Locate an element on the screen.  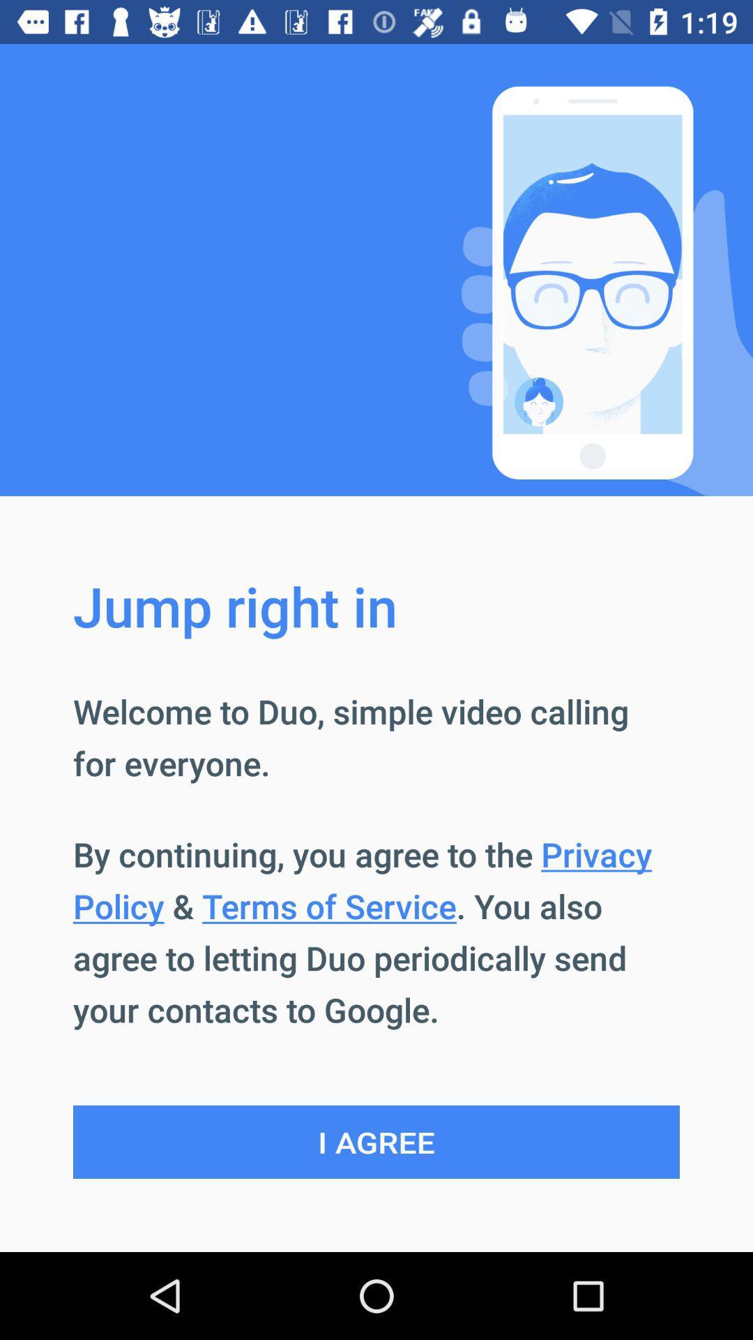
icon below the by continuing you item is located at coordinates (376, 1142).